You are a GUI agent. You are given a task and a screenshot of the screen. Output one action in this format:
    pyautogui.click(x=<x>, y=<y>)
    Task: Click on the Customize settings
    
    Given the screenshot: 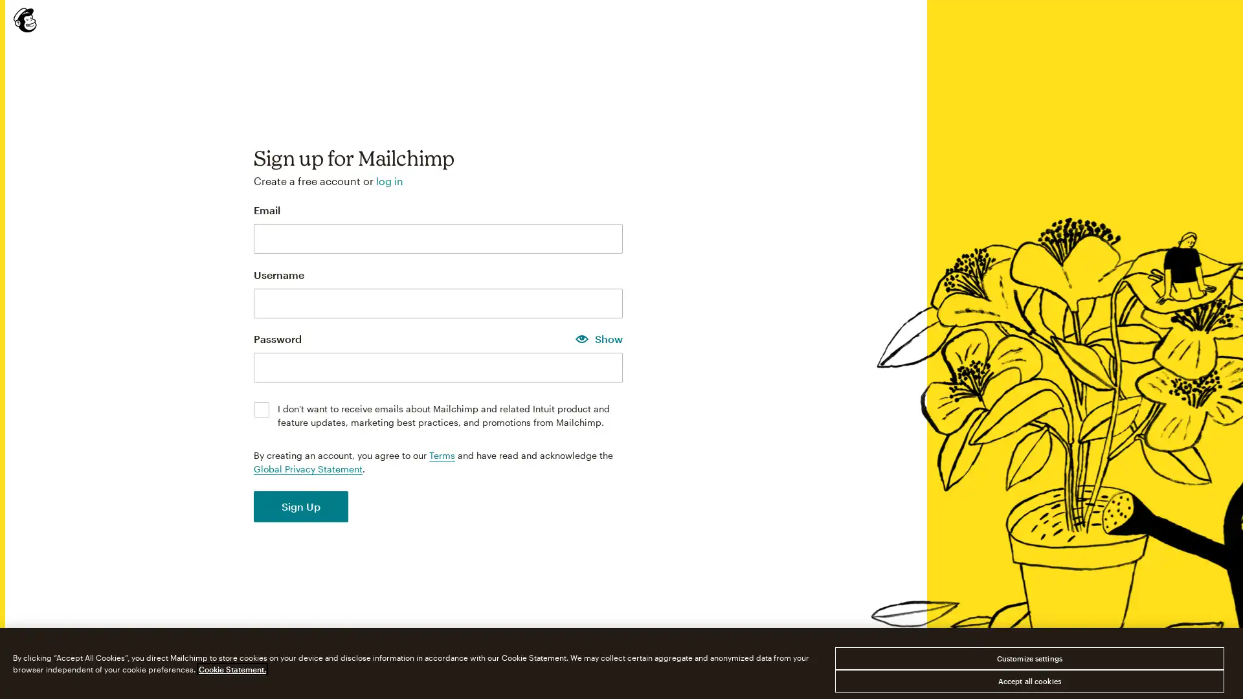 What is the action you would take?
    pyautogui.click(x=1028, y=658)
    